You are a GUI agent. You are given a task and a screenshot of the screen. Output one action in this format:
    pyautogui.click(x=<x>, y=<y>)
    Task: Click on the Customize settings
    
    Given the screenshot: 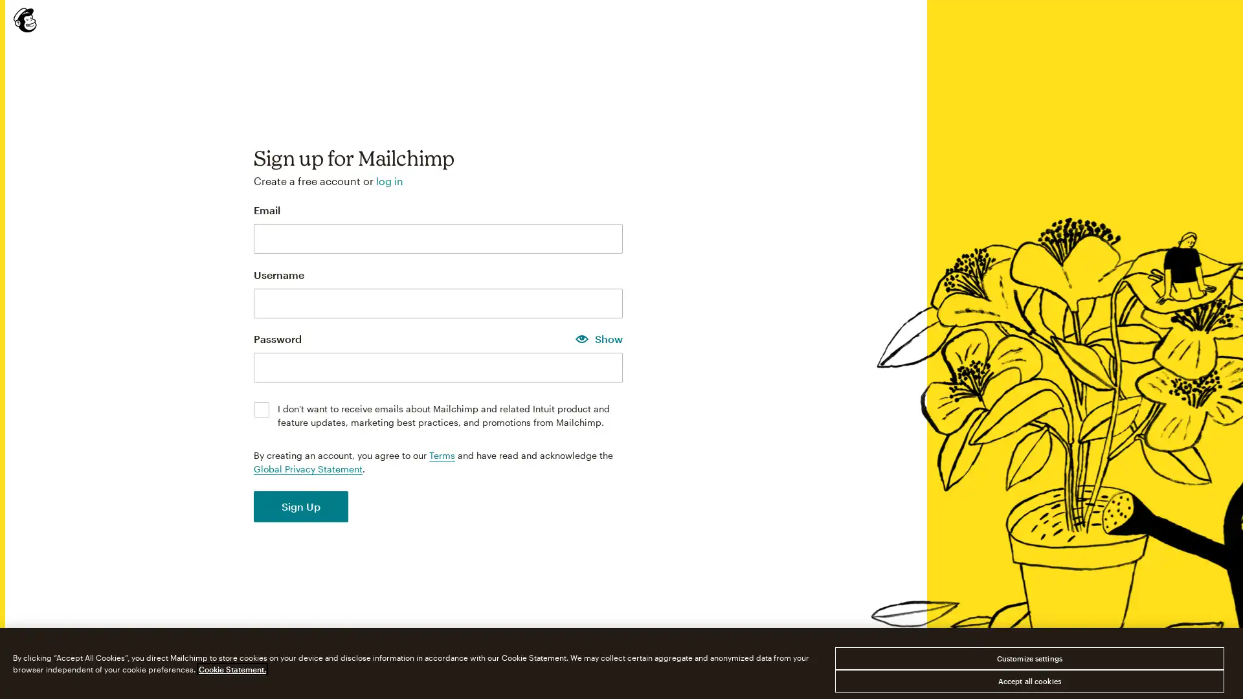 What is the action you would take?
    pyautogui.click(x=1028, y=658)
    